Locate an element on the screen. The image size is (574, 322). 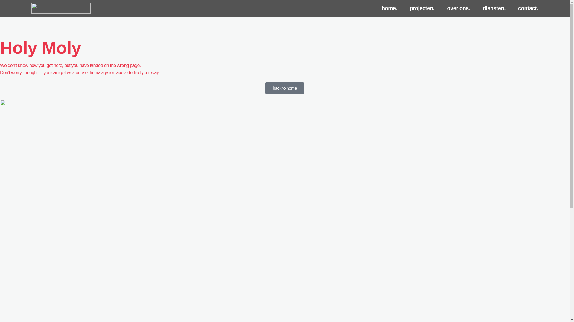
'over ons.' is located at coordinates (458, 8).